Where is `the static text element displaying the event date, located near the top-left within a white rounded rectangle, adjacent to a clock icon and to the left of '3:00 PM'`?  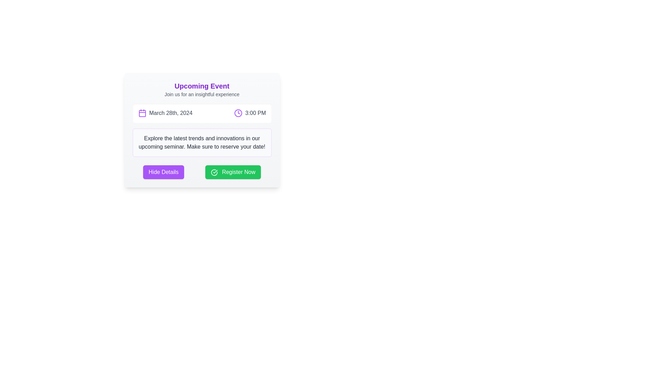
the static text element displaying the event date, located near the top-left within a white rounded rectangle, adjacent to a clock icon and to the left of '3:00 PM' is located at coordinates (165, 113).